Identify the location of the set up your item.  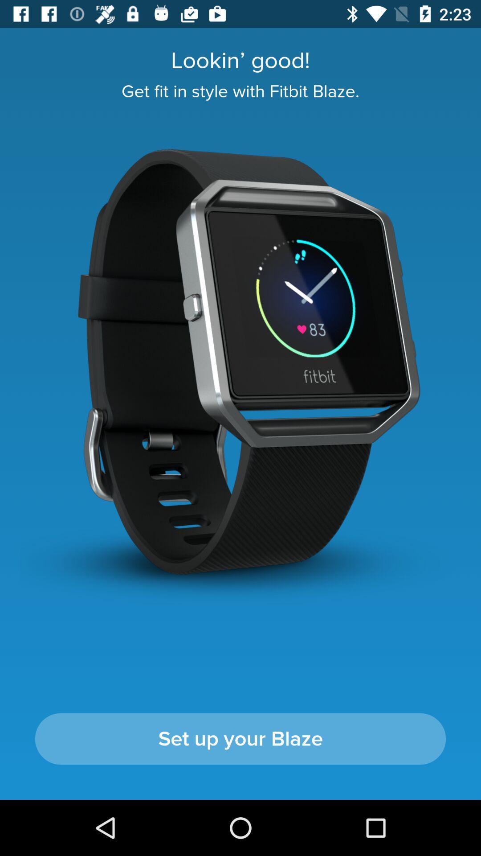
(240, 739).